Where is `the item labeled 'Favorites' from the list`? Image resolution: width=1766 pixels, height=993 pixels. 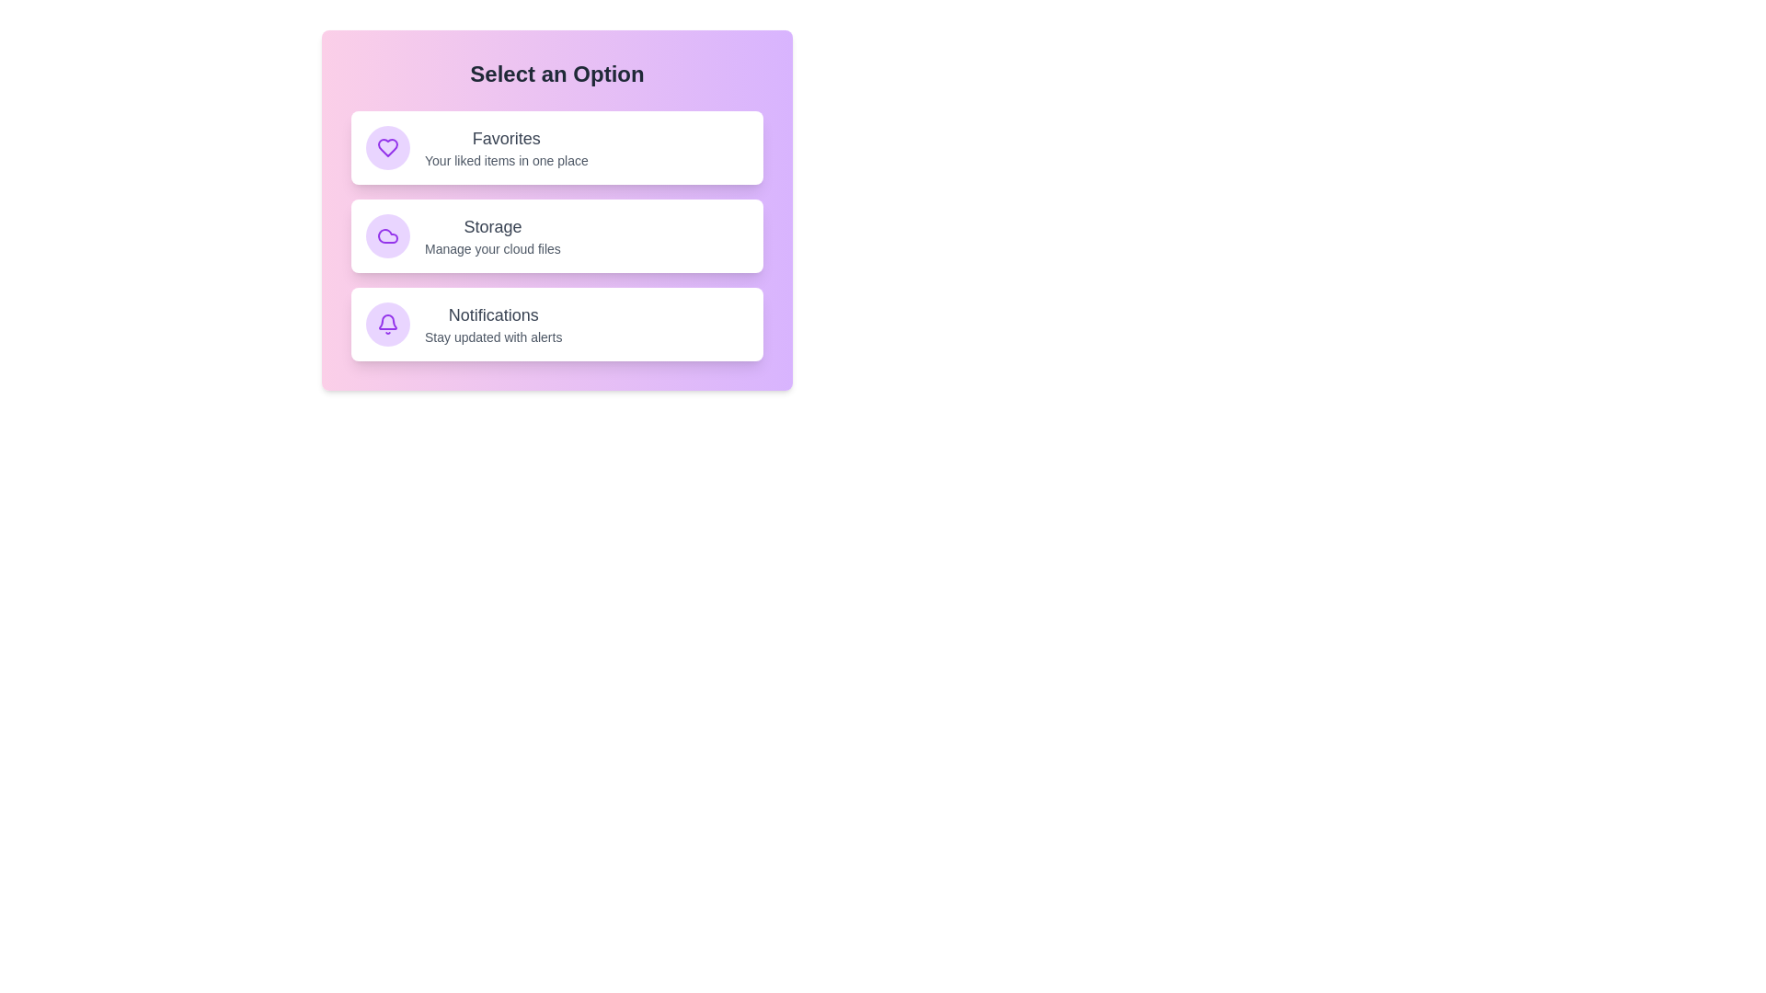
the item labeled 'Favorites' from the list is located at coordinates (556, 147).